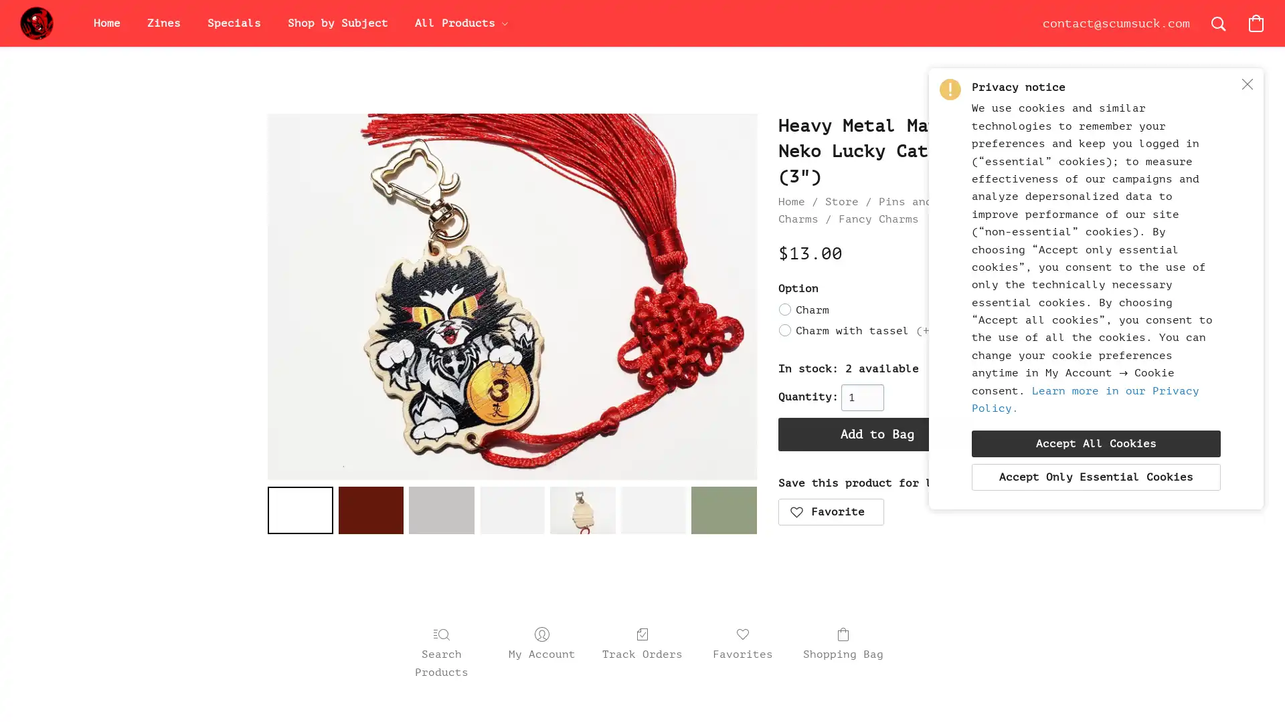 This screenshot has height=722, width=1285. What do you see at coordinates (877, 433) in the screenshot?
I see `Add to Bag` at bounding box center [877, 433].